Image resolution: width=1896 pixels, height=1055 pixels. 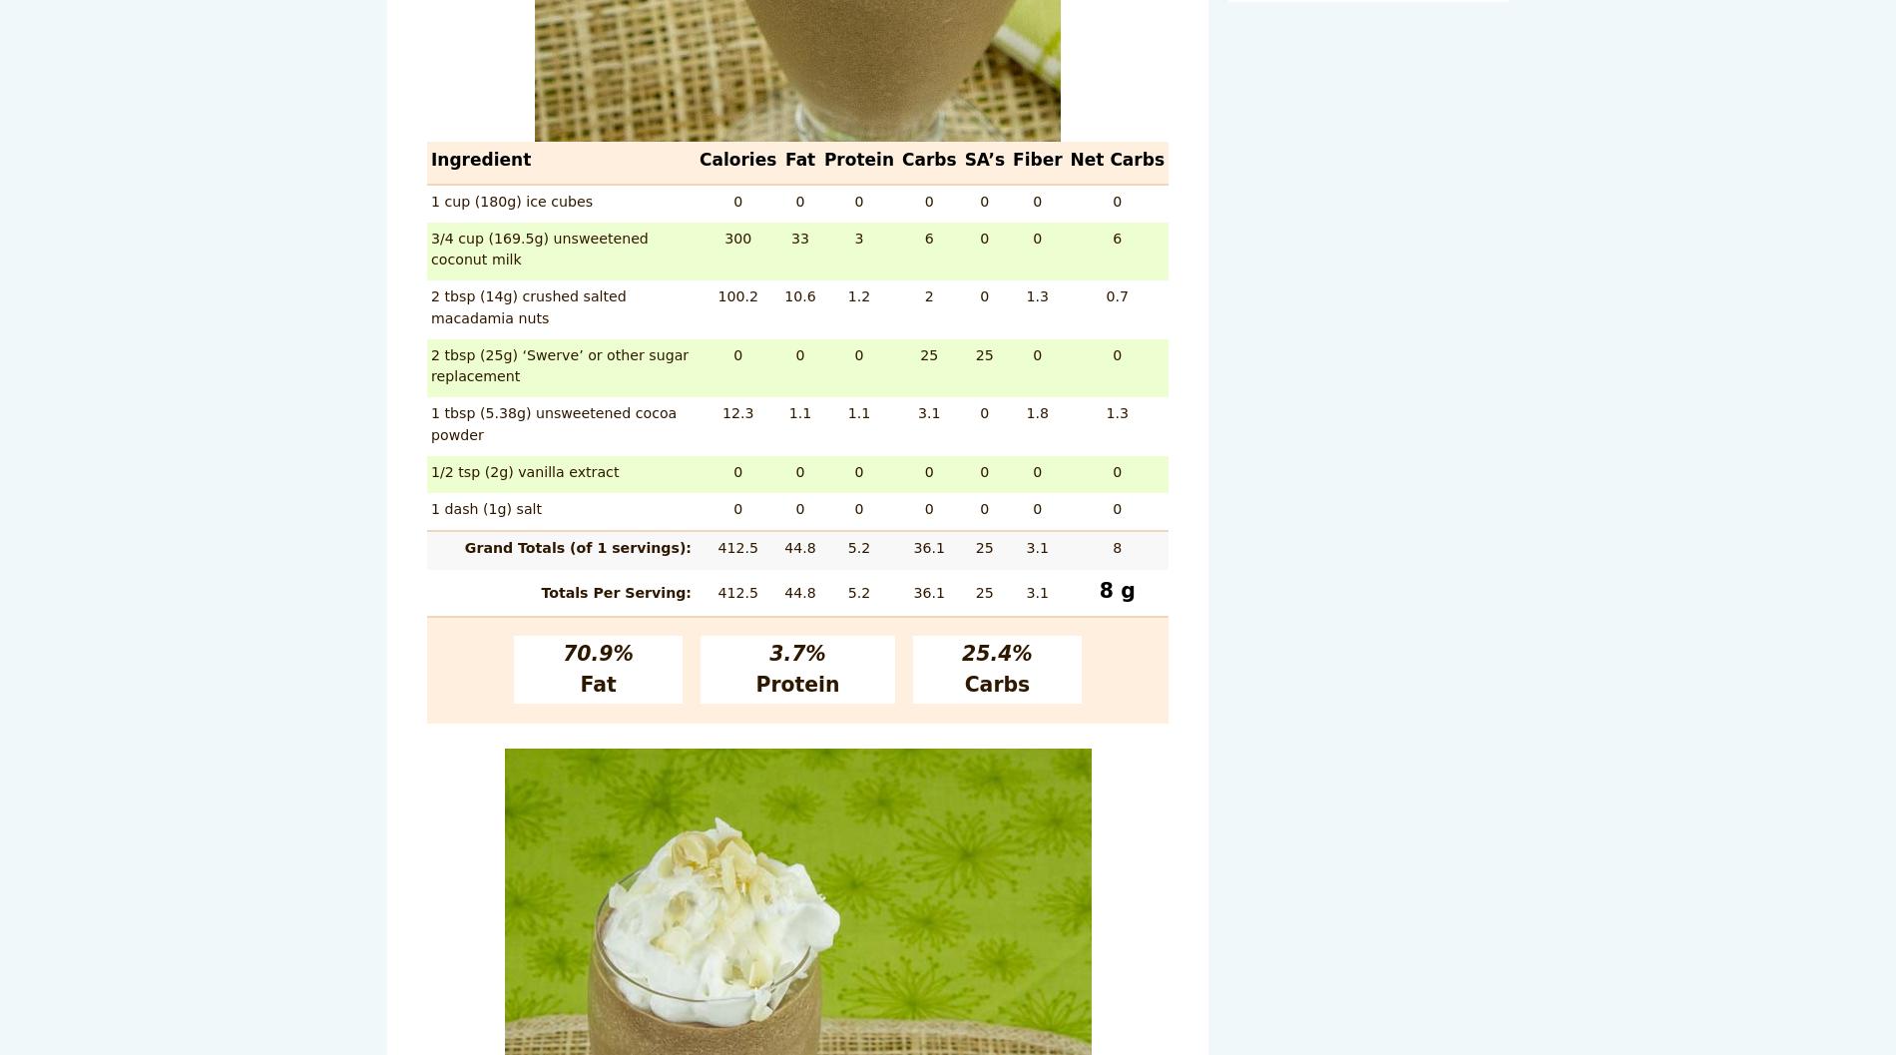 I want to click on '8 g', so click(x=1116, y=588).